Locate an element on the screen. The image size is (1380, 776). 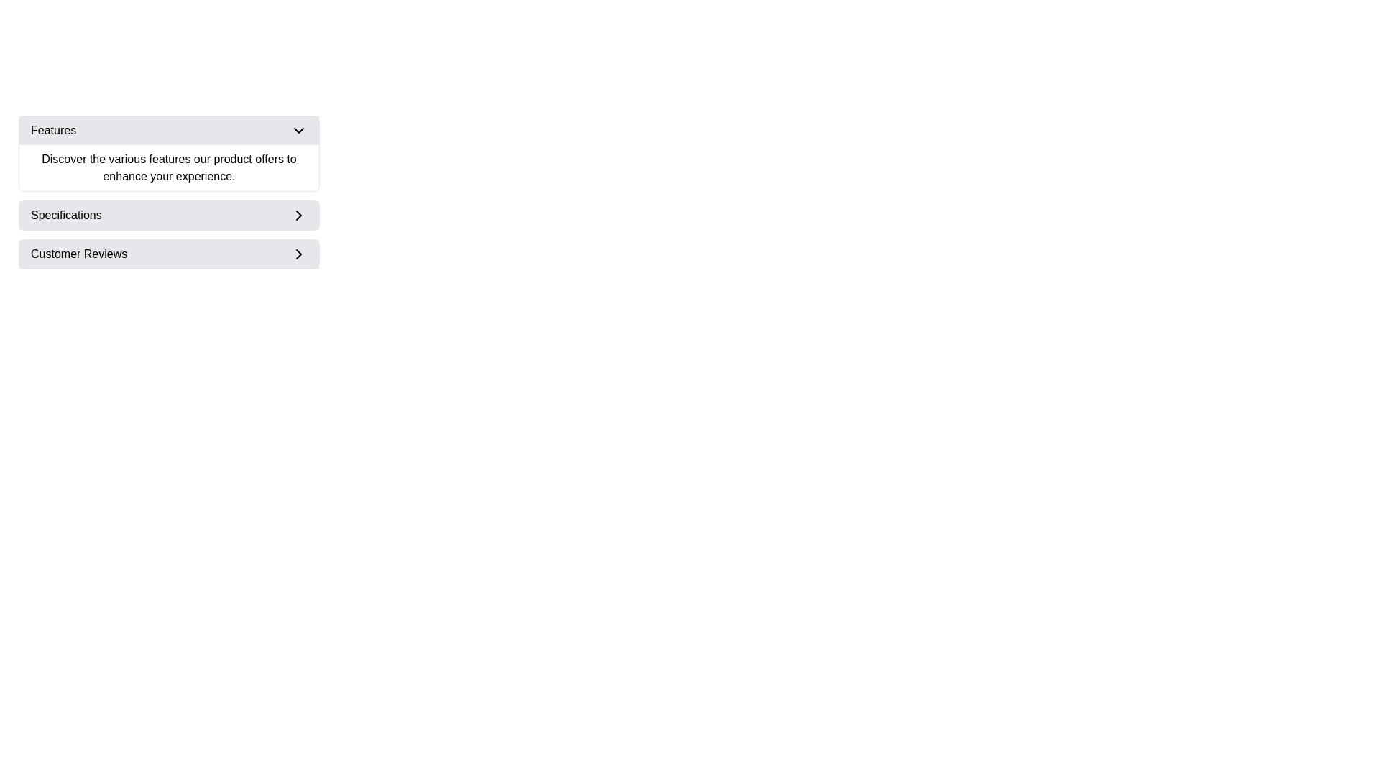
the 'Customer Reviews' label, which is displayed in a bold or regular black font on a light-gray background rectangle, located near the bottom of a vertical list, underneath the 'Specifications' element is located at coordinates (78, 254).